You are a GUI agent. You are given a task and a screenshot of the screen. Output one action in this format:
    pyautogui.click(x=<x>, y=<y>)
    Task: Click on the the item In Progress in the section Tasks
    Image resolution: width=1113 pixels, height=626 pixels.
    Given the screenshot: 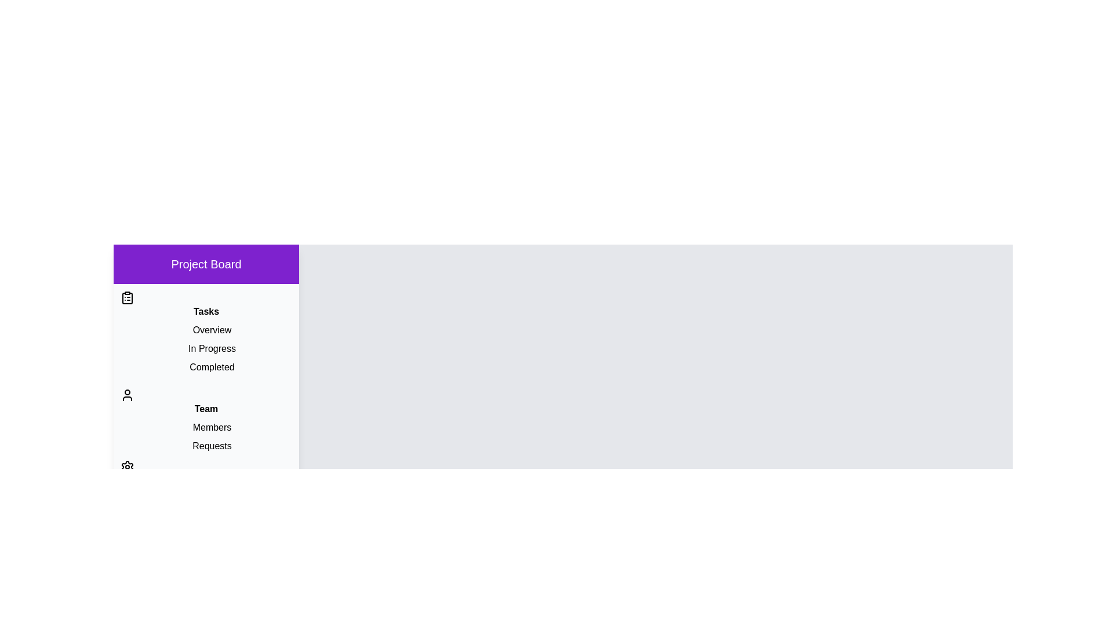 What is the action you would take?
    pyautogui.click(x=206, y=348)
    